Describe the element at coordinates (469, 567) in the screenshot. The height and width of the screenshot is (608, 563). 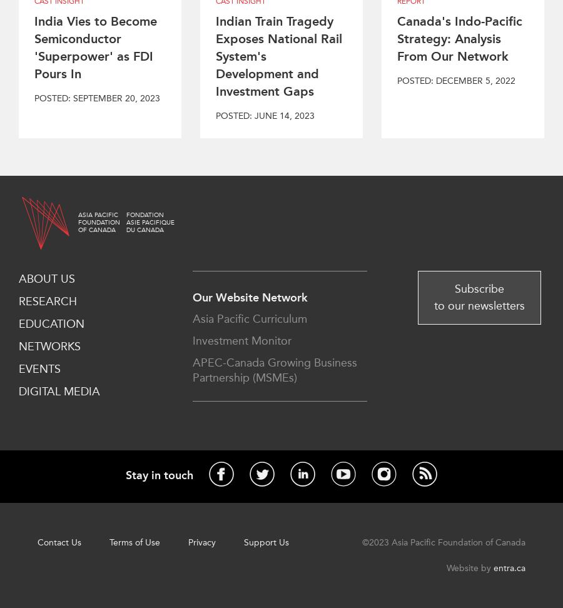
I see `'Website by'` at that location.